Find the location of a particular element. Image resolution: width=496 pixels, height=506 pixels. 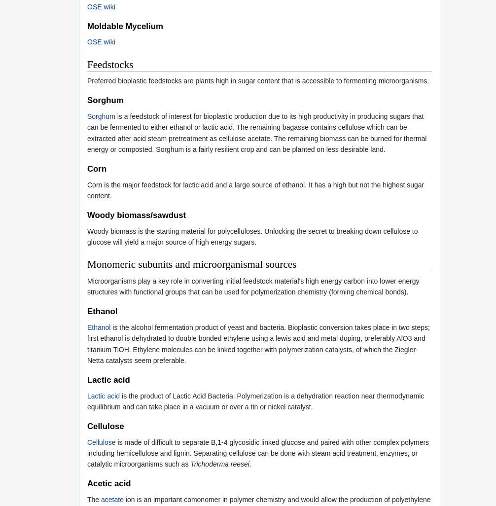

'The' is located at coordinates (87, 499).